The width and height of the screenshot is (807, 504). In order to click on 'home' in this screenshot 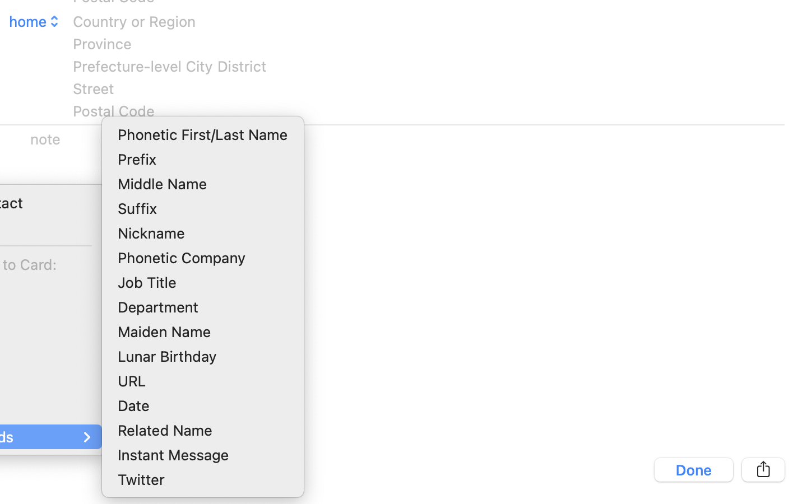, I will do `click(35, 20)`.